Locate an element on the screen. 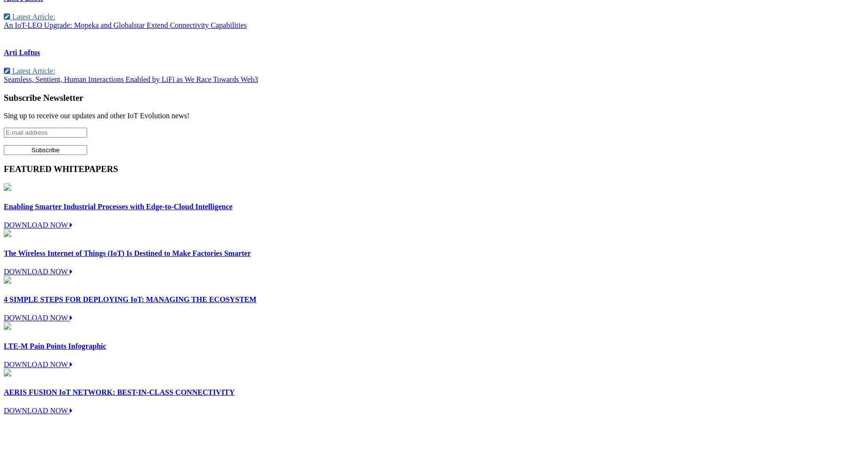 The width and height of the screenshot is (848, 474). 'Subscribe' is located at coordinates (23, 97).